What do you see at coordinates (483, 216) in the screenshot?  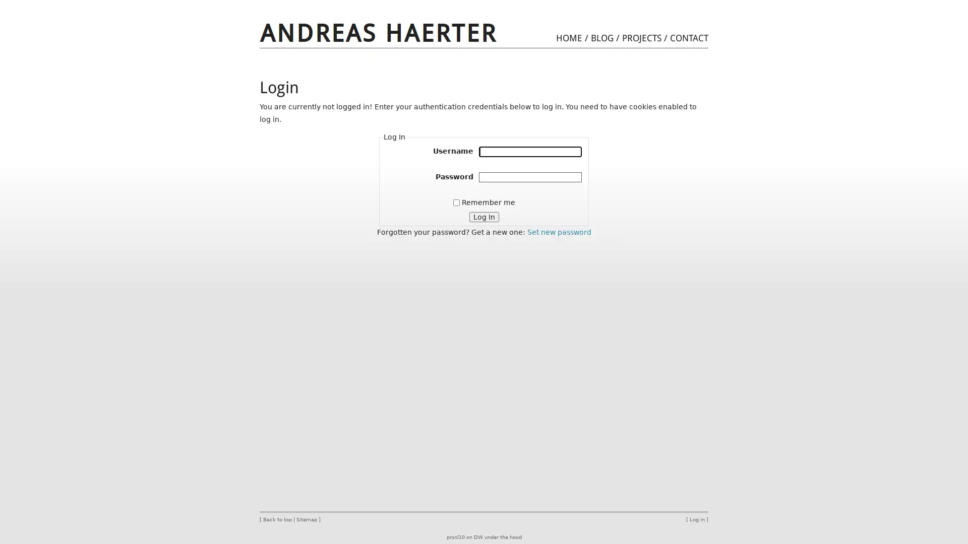 I see `Log In` at bounding box center [483, 216].